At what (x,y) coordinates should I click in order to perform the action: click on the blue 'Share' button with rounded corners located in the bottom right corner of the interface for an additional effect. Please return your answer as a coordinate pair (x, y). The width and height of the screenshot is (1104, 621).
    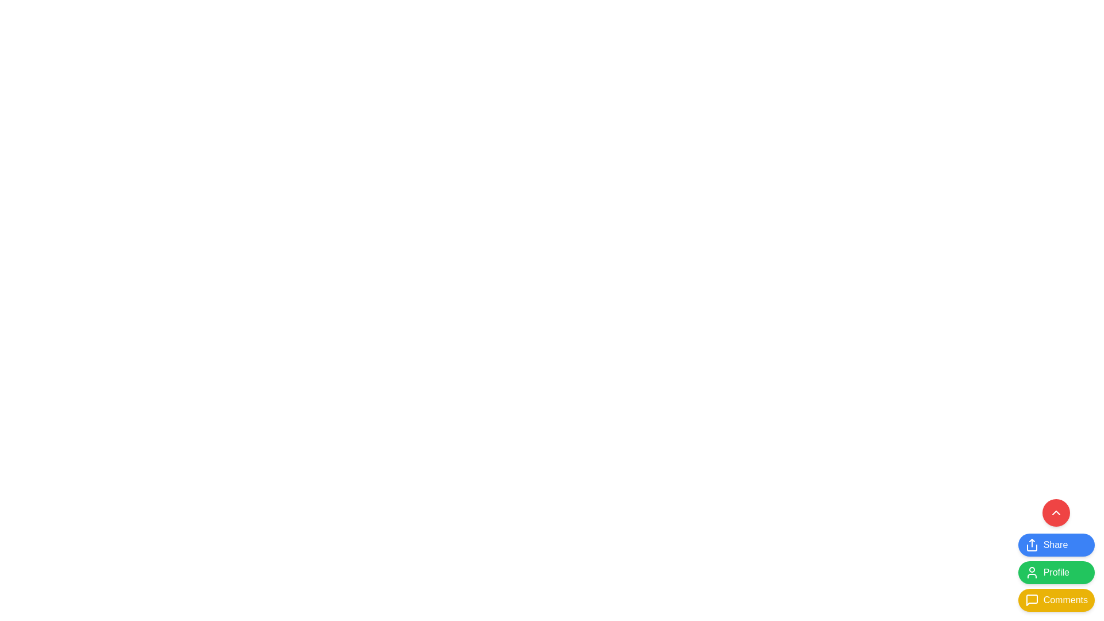
    Looking at the image, I should click on (1056, 545).